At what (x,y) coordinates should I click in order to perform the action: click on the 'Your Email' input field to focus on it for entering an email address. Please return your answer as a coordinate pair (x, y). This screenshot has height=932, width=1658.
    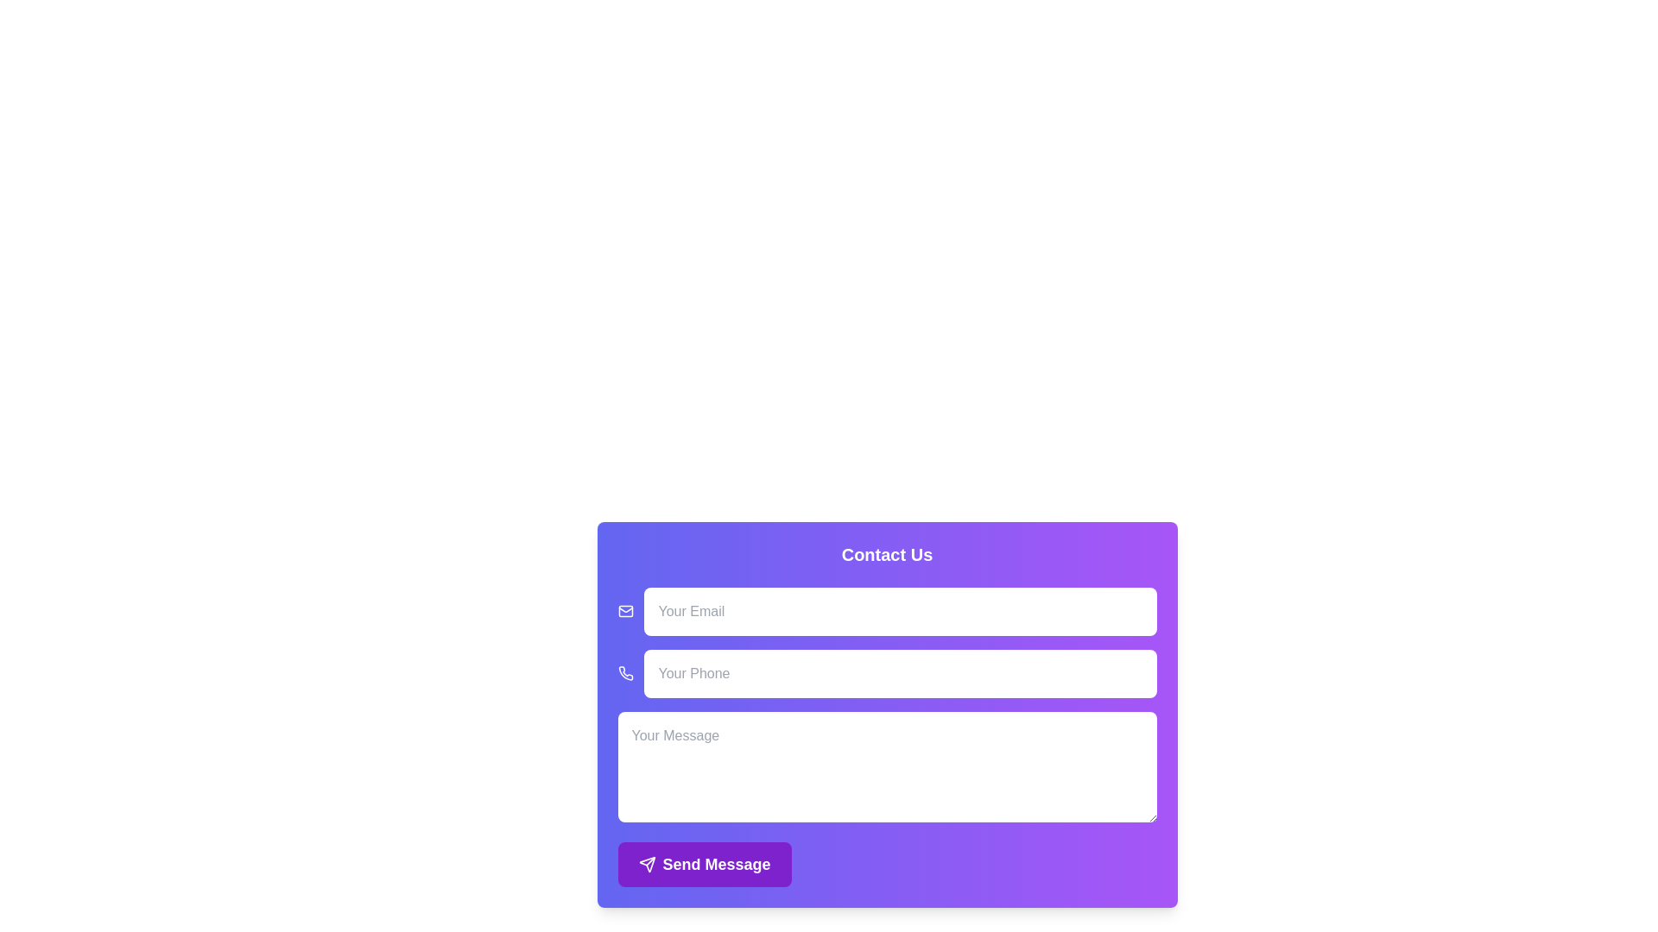
    Looking at the image, I should click on (887, 611).